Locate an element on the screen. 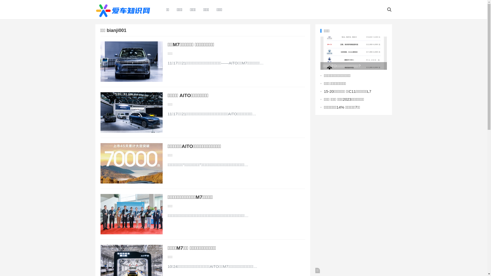 Image resolution: width=491 pixels, height=276 pixels. 'Advertisement' is located at coordinates (353, 197).